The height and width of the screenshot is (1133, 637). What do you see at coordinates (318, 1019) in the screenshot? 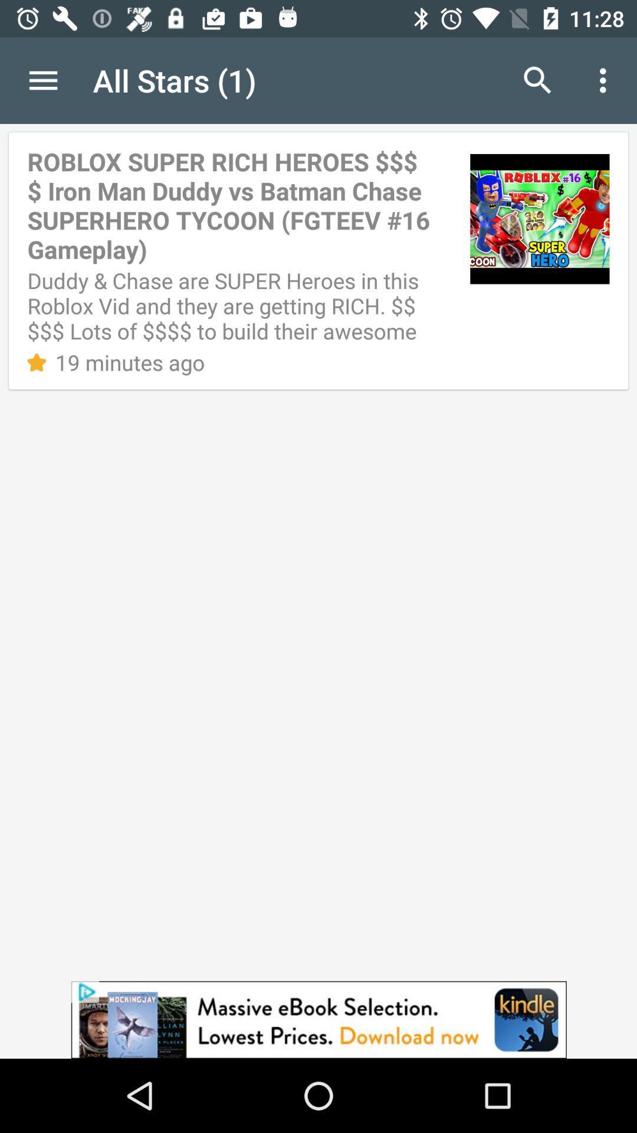
I see `the advertisement page` at bounding box center [318, 1019].